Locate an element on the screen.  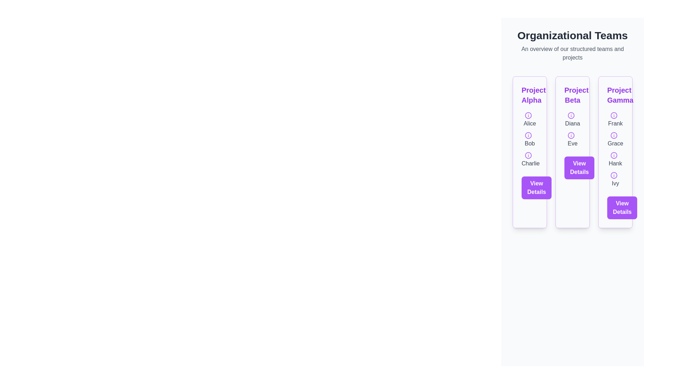
the text element displaying 'Bob' in dark gray is located at coordinates (529, 139).